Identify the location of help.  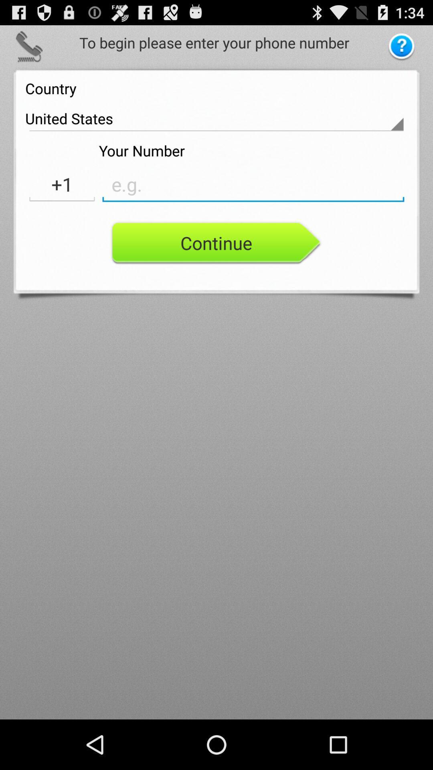
(401, 47).